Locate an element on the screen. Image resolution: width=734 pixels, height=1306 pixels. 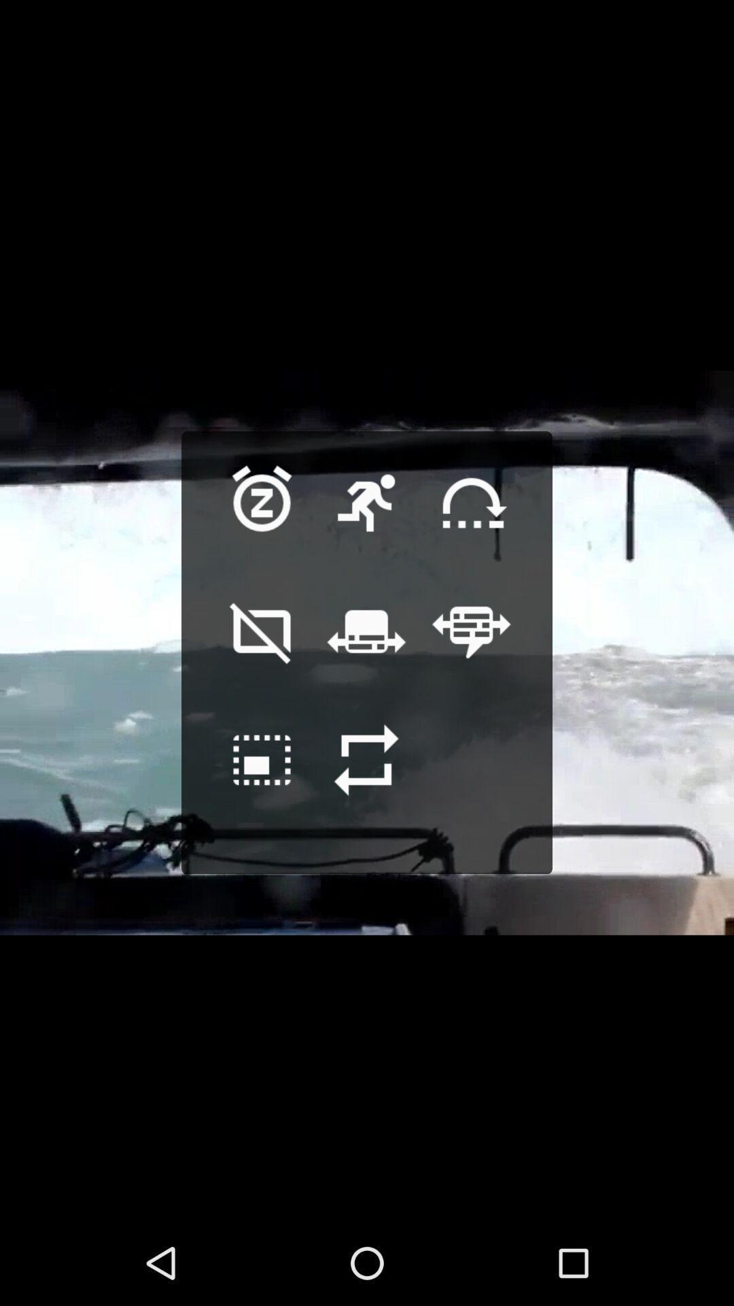
go back is located at coordinates (262, 781).